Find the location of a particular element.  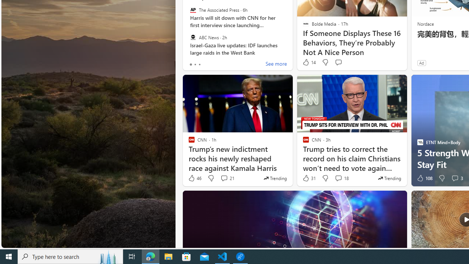

'View comments 18 Comment' is located at coordinates (338, 178).